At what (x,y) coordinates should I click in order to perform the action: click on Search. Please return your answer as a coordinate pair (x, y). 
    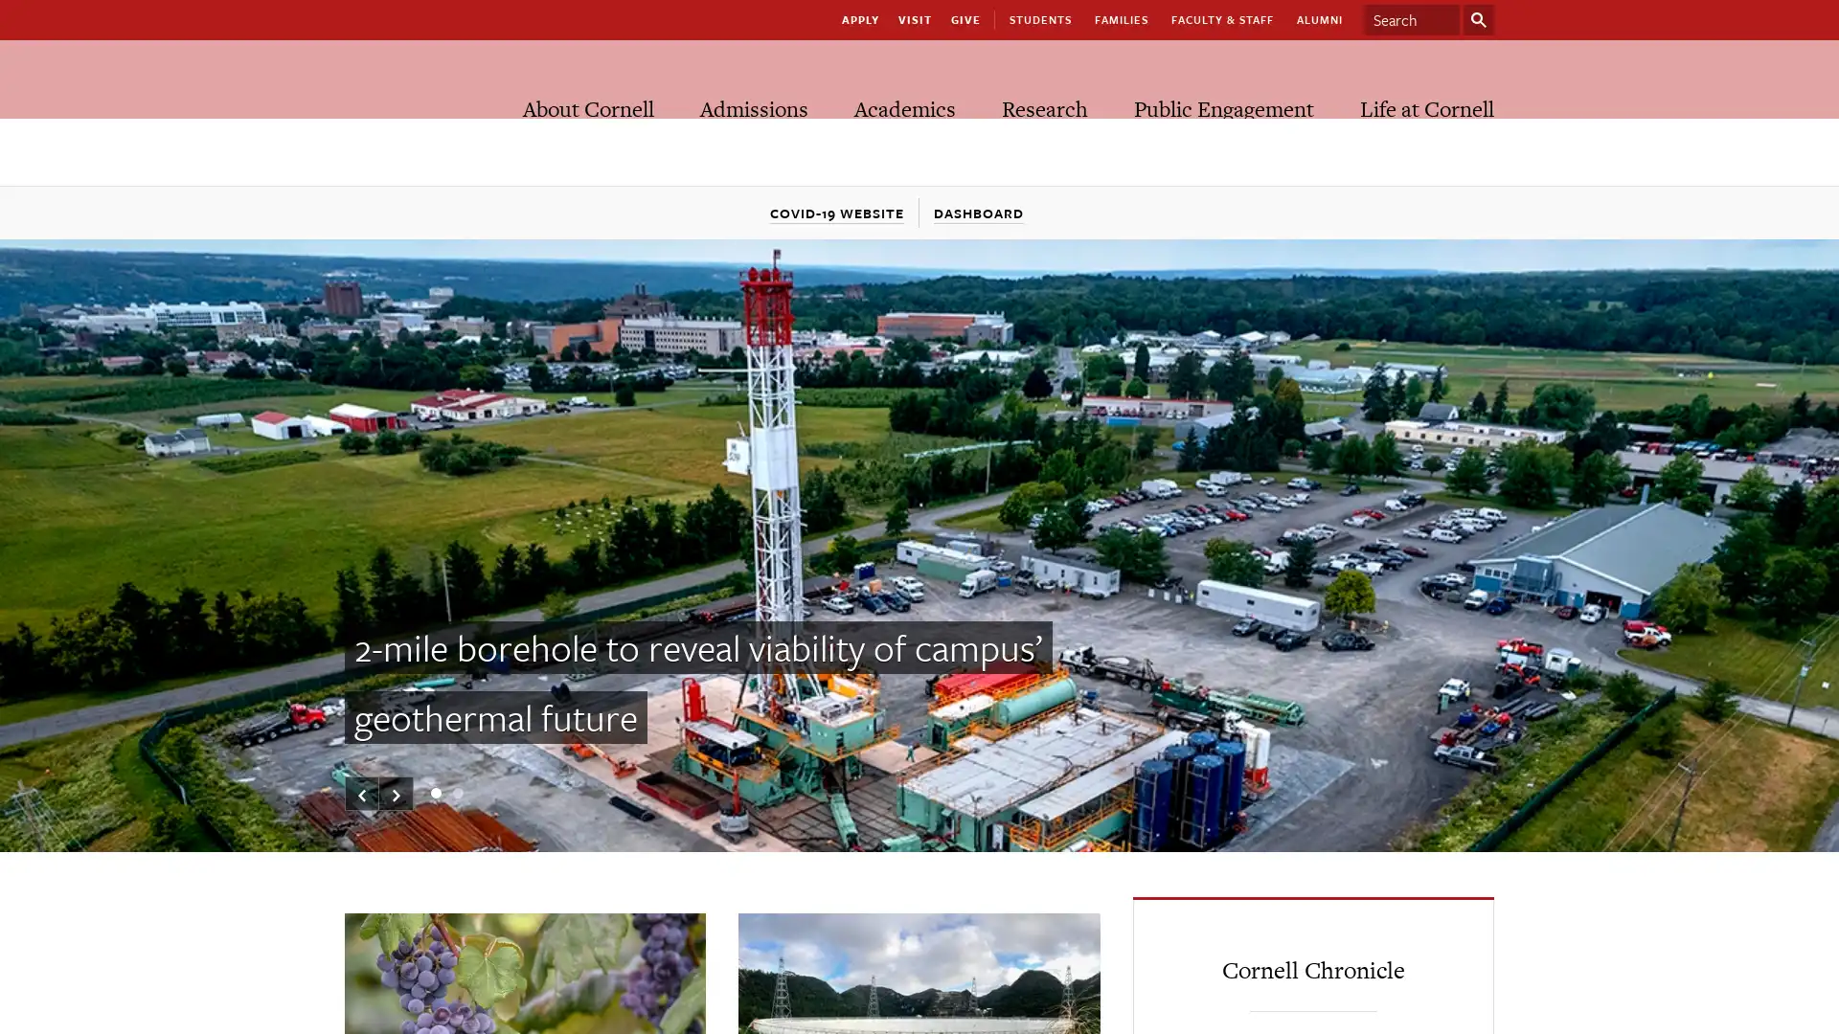
    Looking at the image, I should click on (1478, 19).